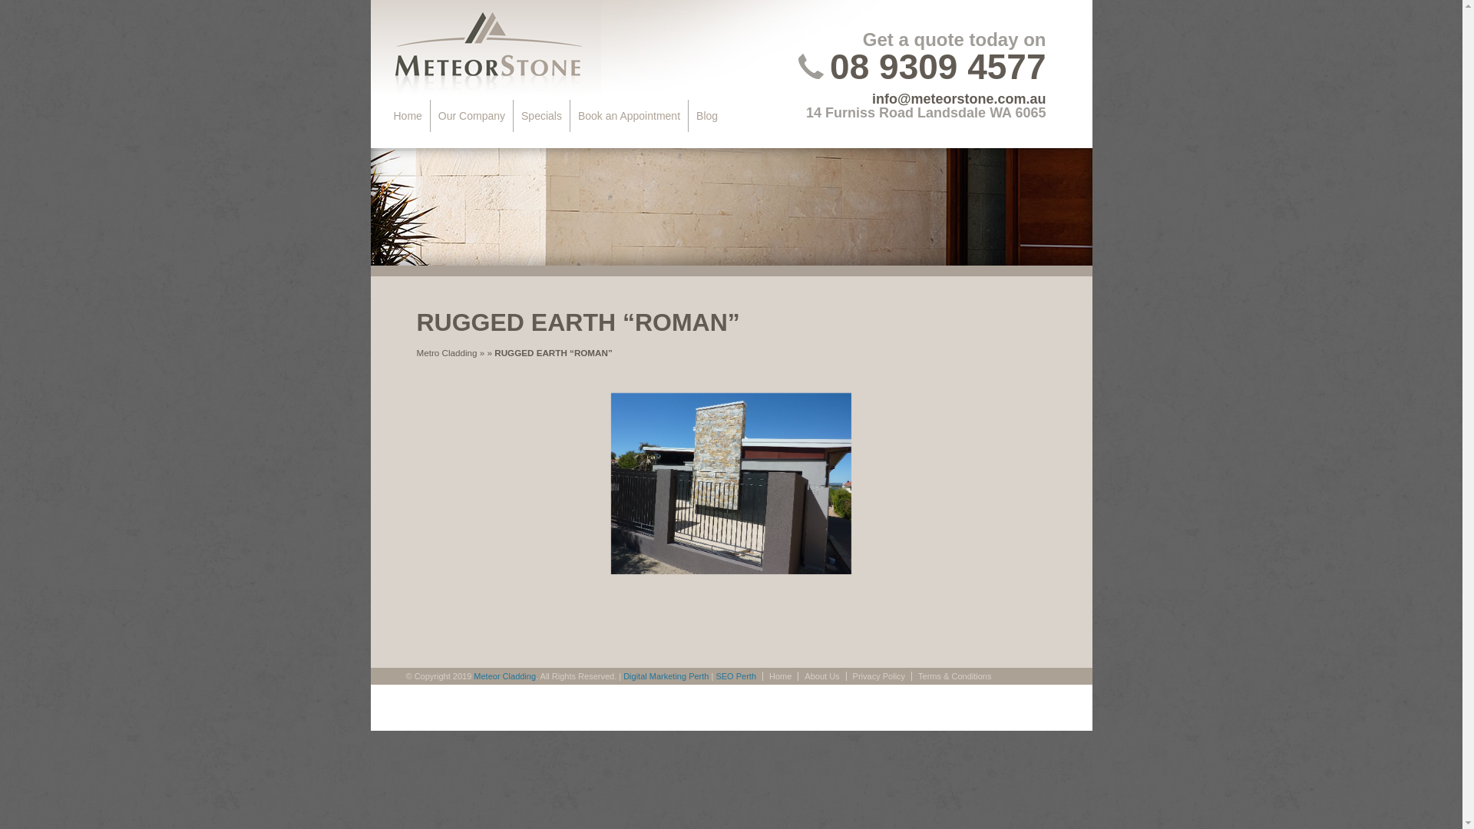 The image size is (1474, 829). What do you see at coordinates (428, 114) in the screenshot?
I see `'Skip to content'` at bounding box center [428, 114].